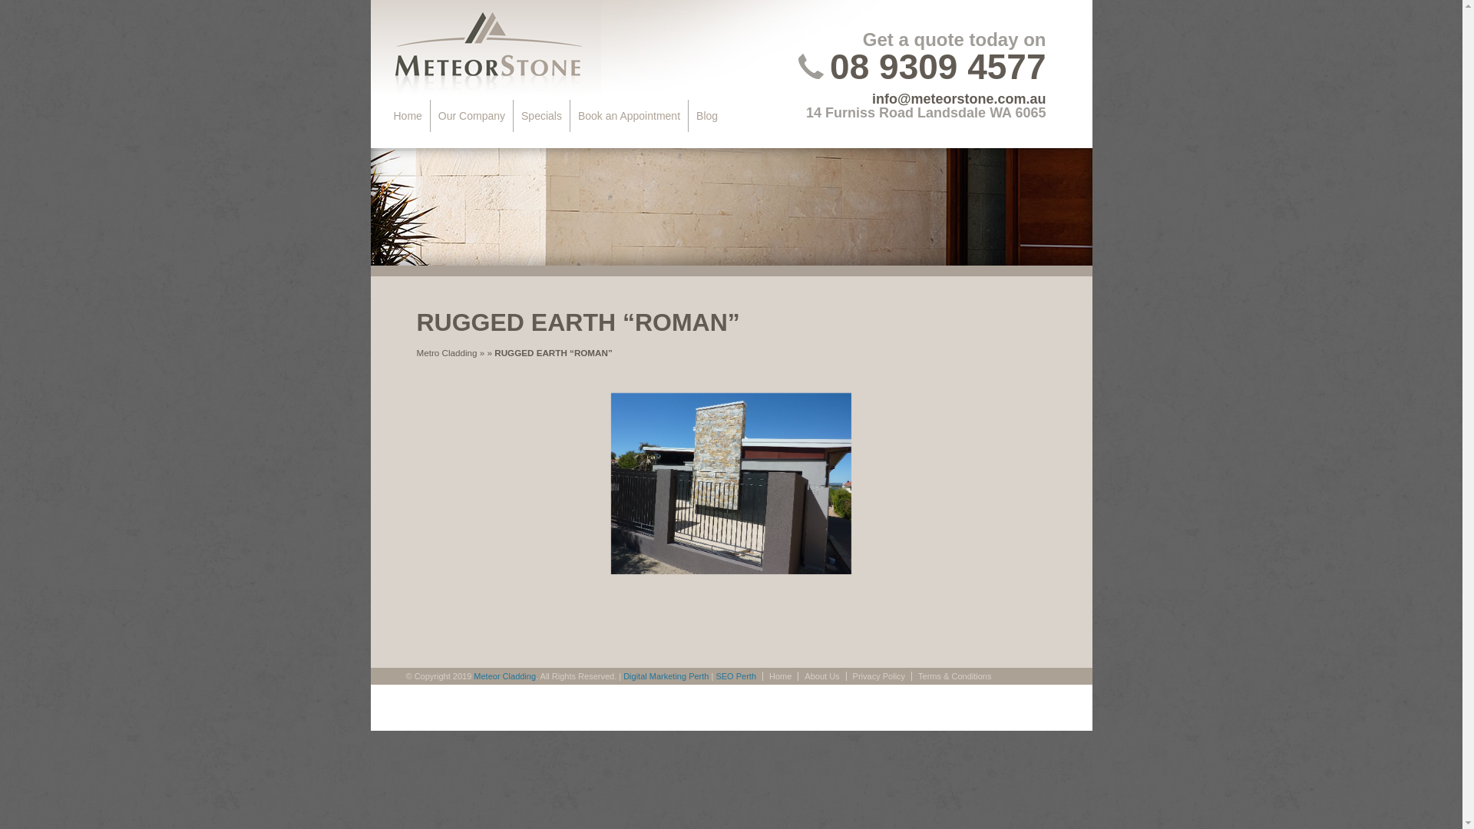 The image size is (1474, 829). What do you see at coordinates (428, 114) in the screenshot?
I see `'Skip to content'` at bounding box center [428, 114].